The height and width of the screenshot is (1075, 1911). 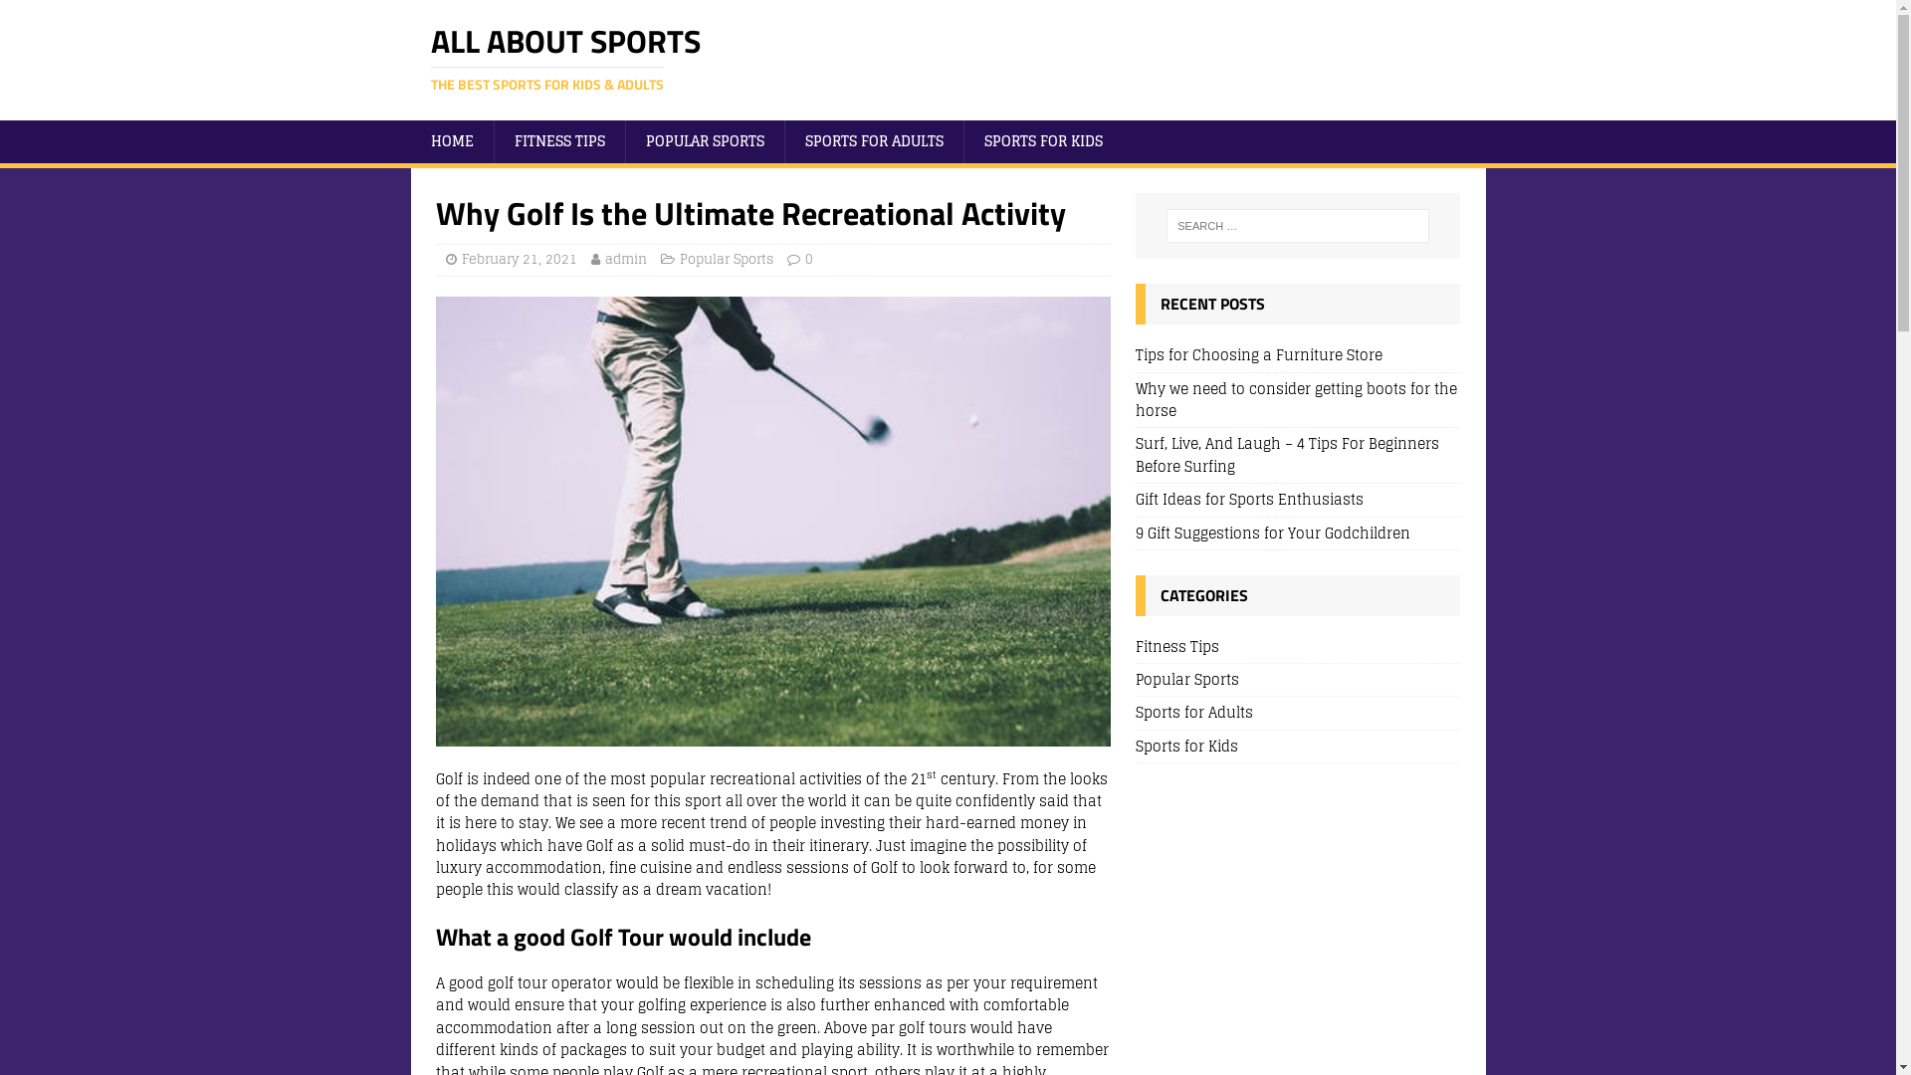 I want to click on 'Popular Sports', so click(x=1298, y=678).